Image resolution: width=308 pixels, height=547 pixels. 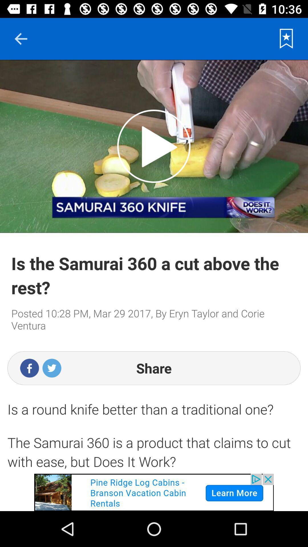 What do you see at coordinates (286, 38) in the screenshot?
I see `the bookmark icon` at bounding box center [286, 38].